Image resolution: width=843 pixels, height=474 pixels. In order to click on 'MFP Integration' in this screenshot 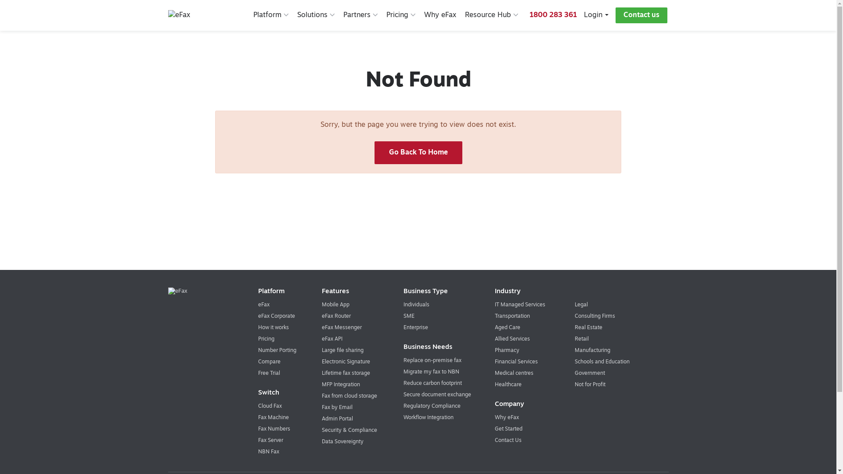, I will do `click(340, 384)`.